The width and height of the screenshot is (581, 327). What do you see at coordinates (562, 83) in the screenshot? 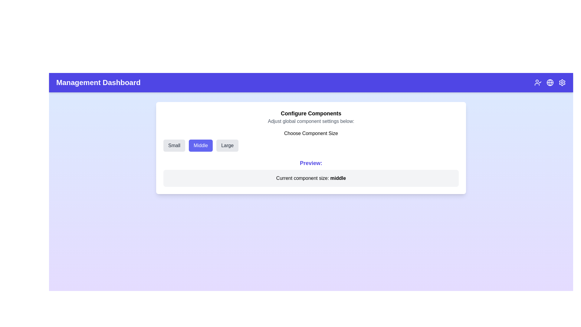
I see `the cogwheel icon button located in the top-right corner of the interface, which indicates a settings function` at bounding box center [562, 83].